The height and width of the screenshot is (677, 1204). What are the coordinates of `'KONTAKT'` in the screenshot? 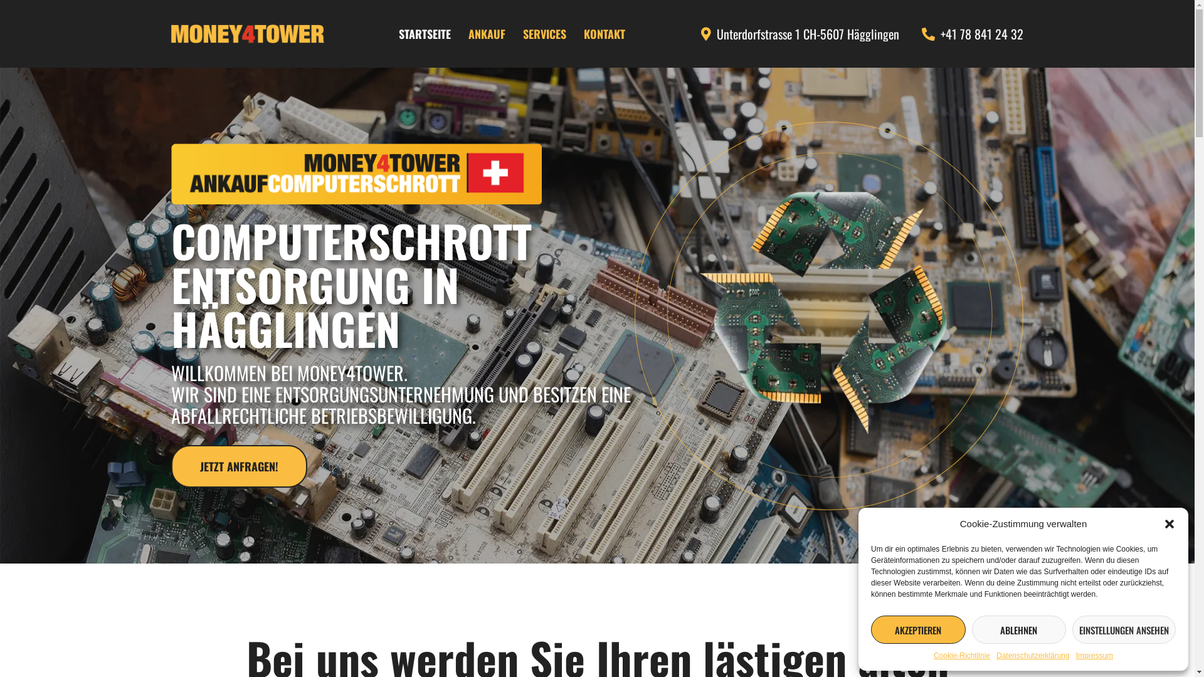 It's located at (605, 33).